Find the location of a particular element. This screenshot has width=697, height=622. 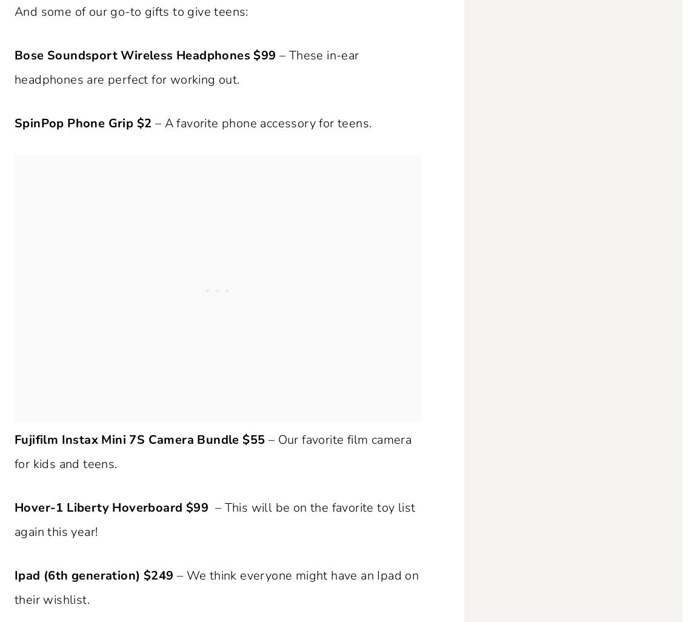

'$55' is located at coordinates (253, 440).